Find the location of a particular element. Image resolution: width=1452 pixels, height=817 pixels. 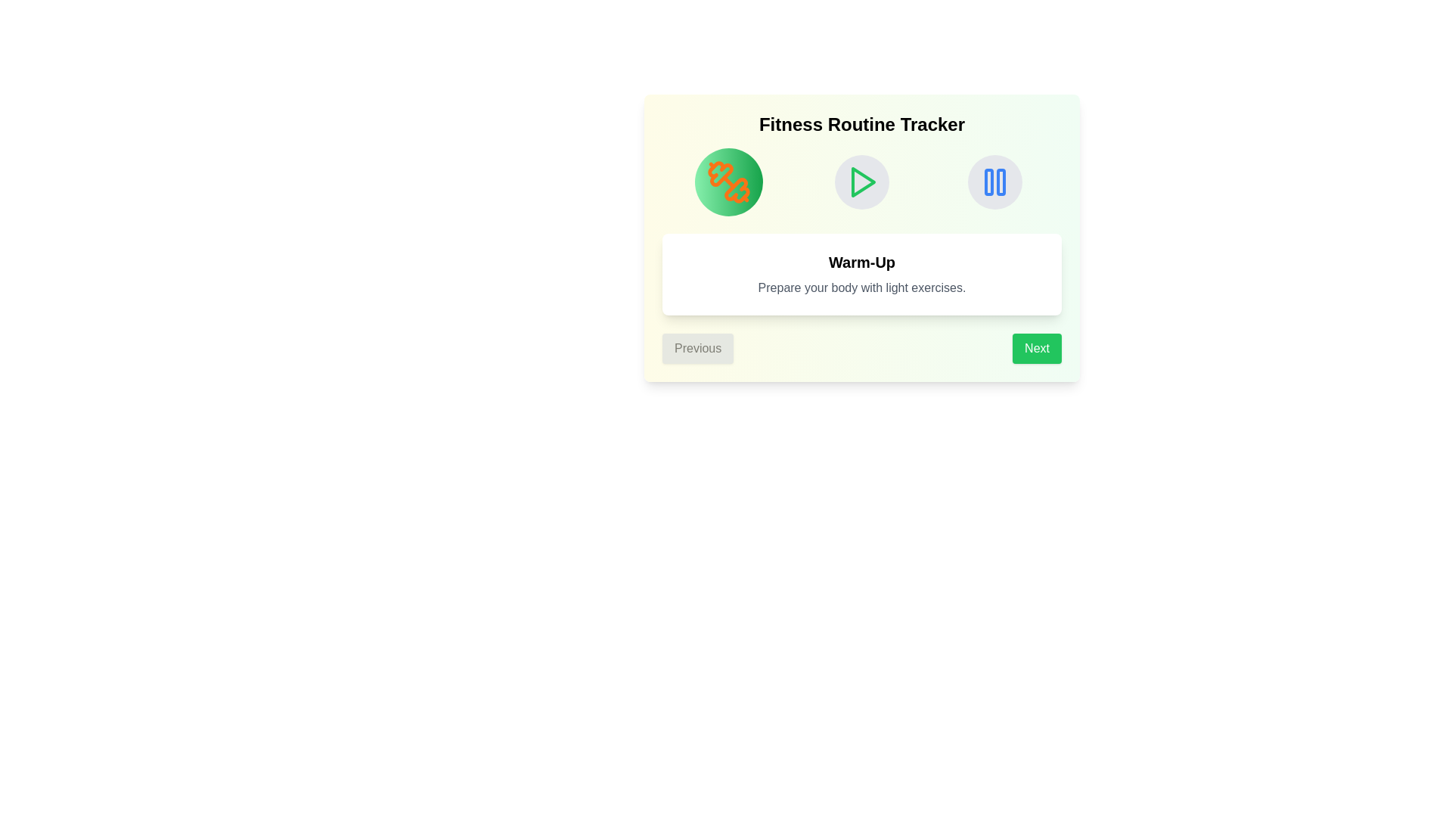

the icon representing the Cool Down step is located at coordinates (994, 181).